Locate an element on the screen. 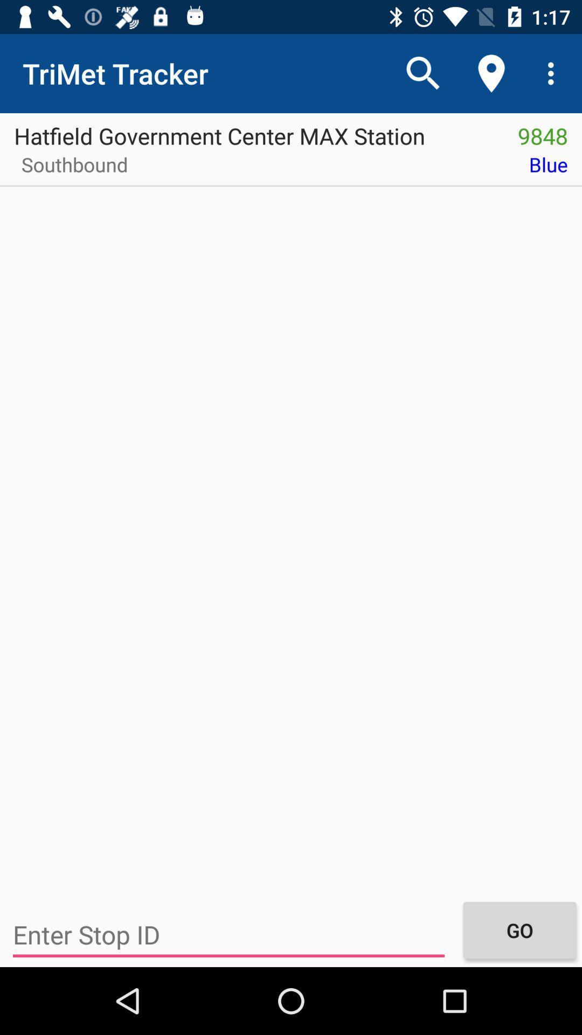  the southbound is located at coordinates (71, 168).